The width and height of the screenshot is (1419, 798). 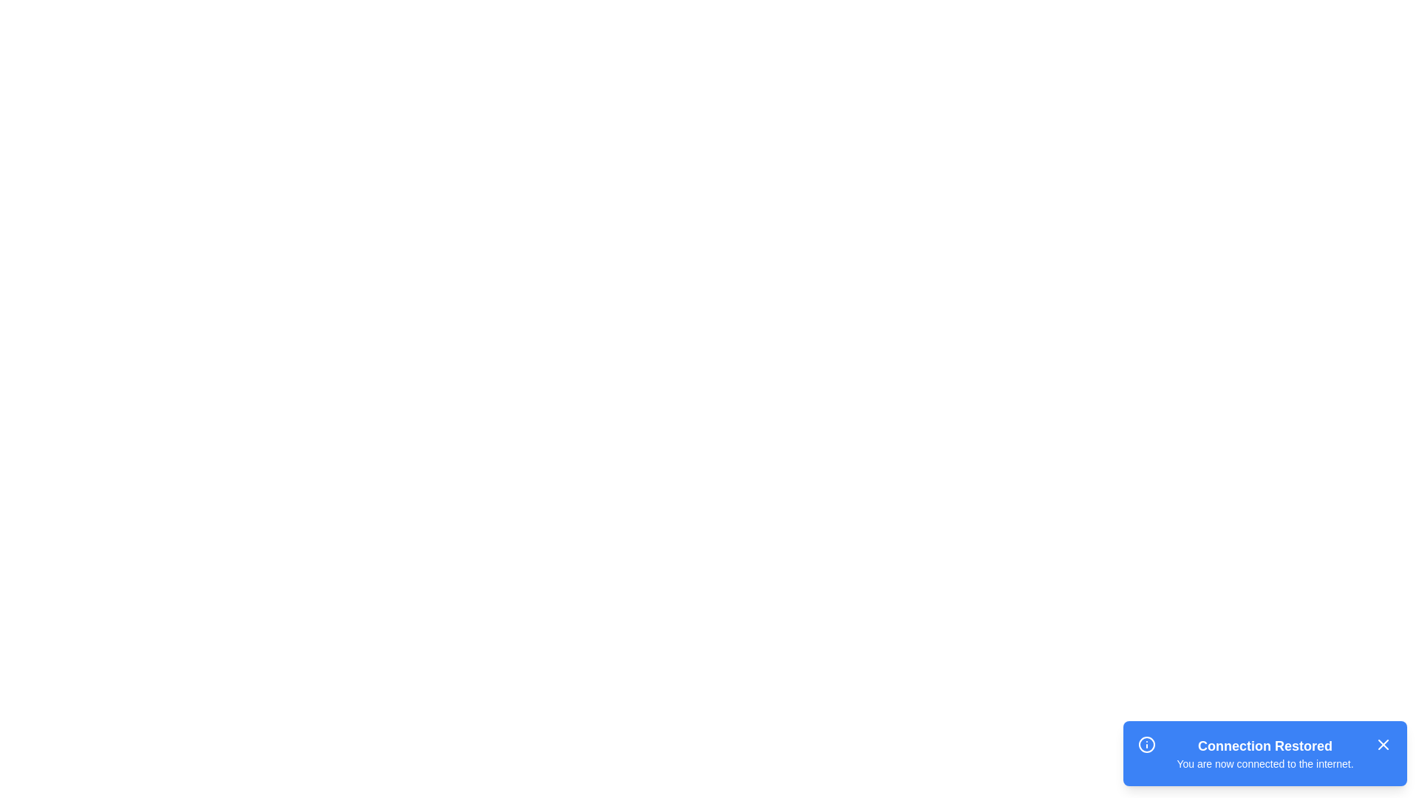 I want to click on the text block that indicates the restored internet connection located in the notification card at the bottom-right corner of the viewport to interact with its surroundings, so click(x=1265, y=753).